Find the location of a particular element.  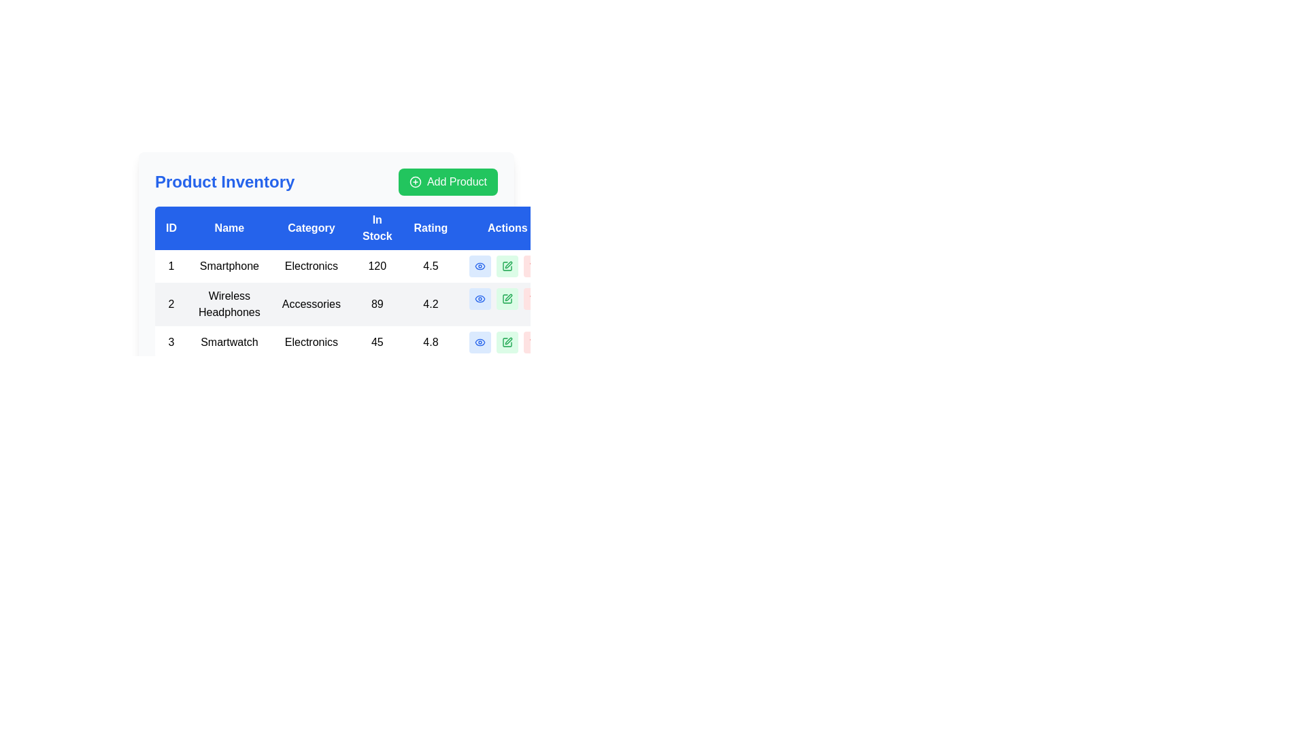

a cell within the second row of the product table that displays information about 'Wireless Headphones' is located at coordinates (356, 303).